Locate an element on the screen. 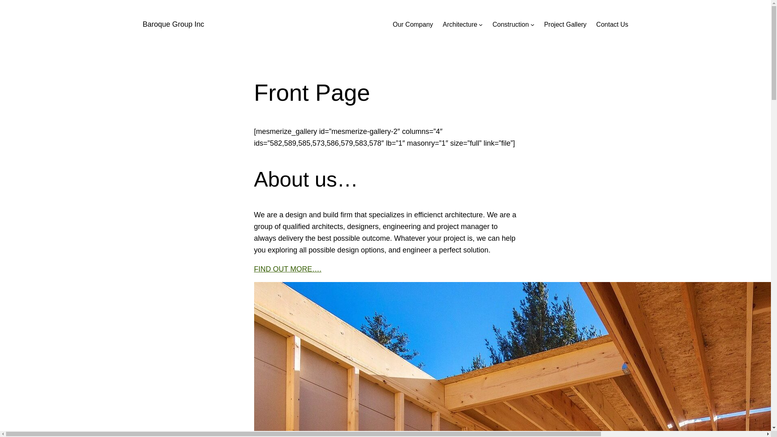 The height and width of the screenshot is (437, 777). 'Baroque Group Inc' is located at coordinates (172, 24).